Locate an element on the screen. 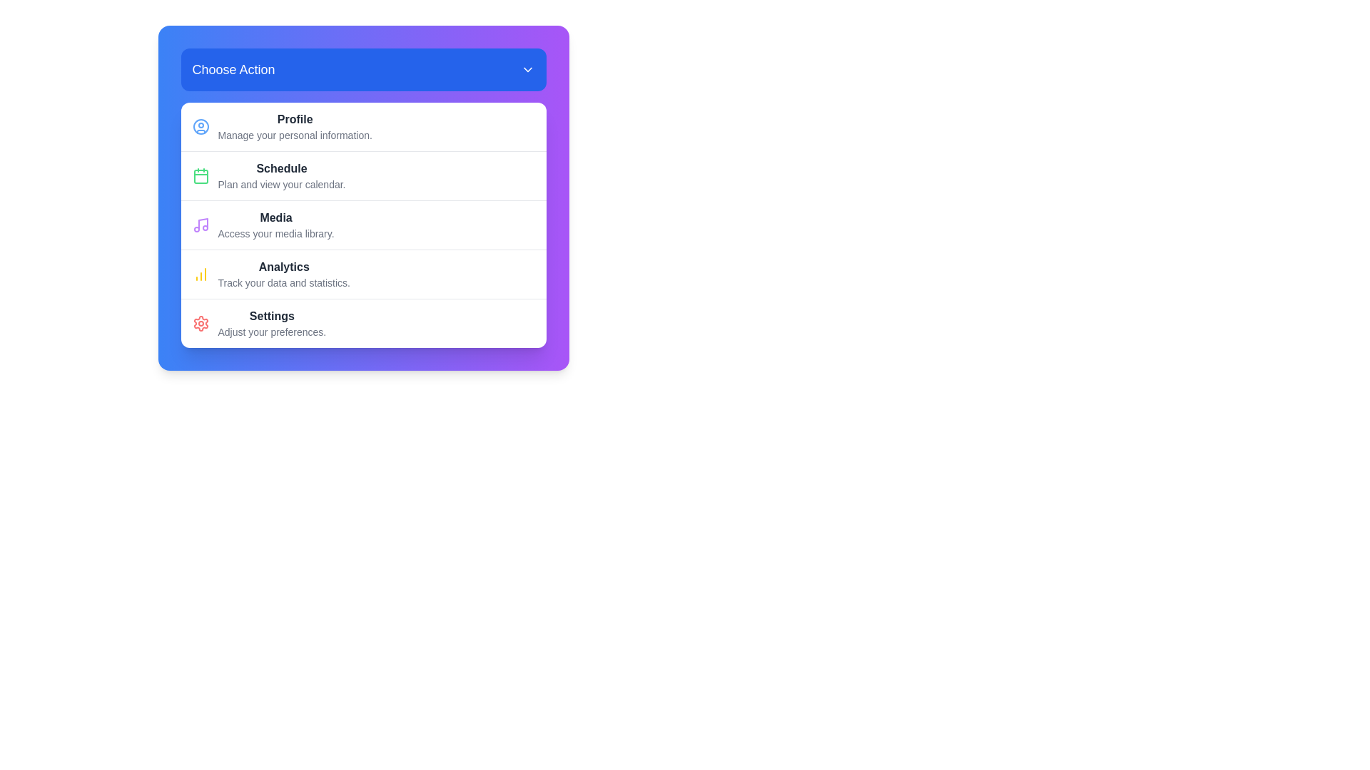  the static text label that reads 'Plan and view your calendar' located below the title 'Schedule' in the dropdown menu is located at coordinates (281, 183).